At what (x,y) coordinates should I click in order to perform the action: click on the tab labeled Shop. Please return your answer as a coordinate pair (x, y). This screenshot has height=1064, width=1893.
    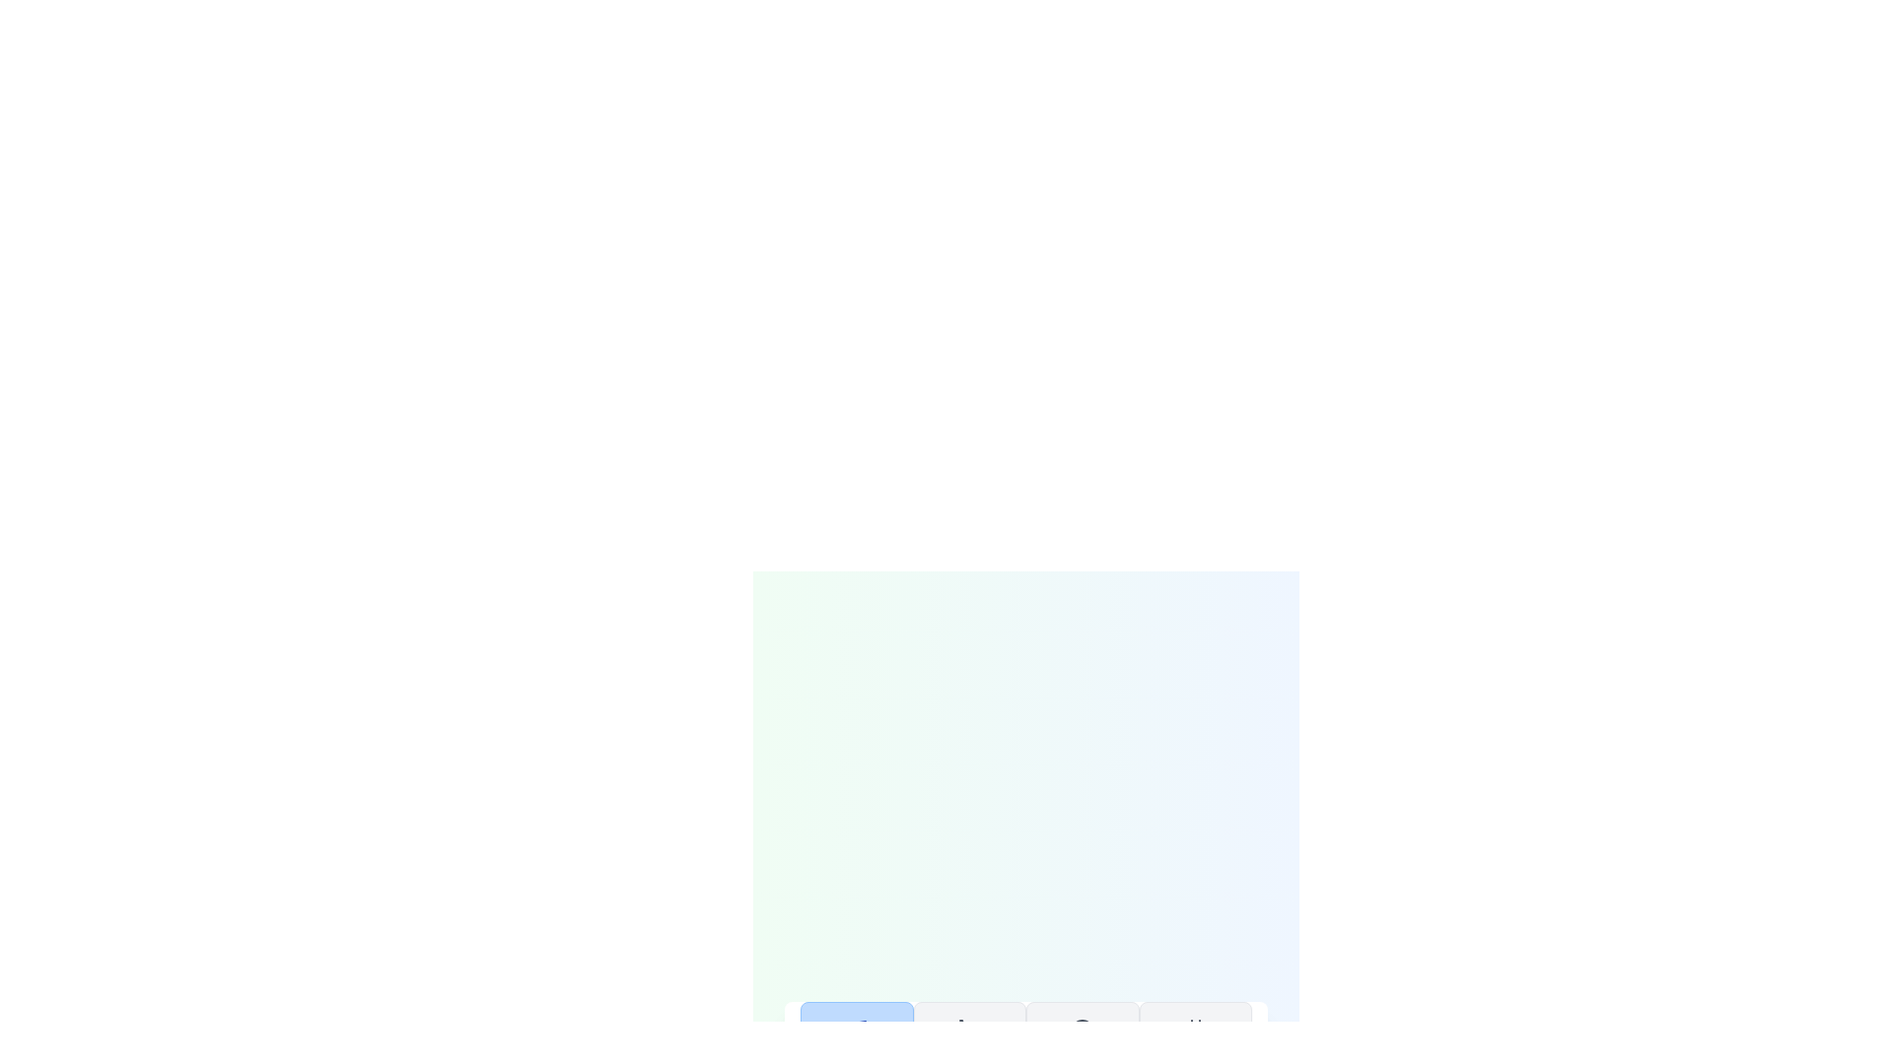
    Looking at the image, I should click on (969, 1046).